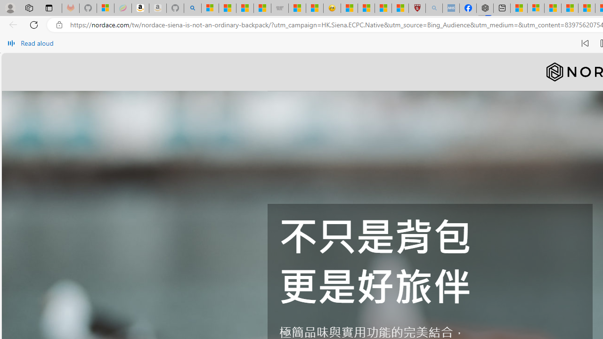 The height and width of the screenshot is (339, 603). I want to click on 'Nordace - Nordace Siena Is Not An Ordinary Backpack', so click(485, 8).